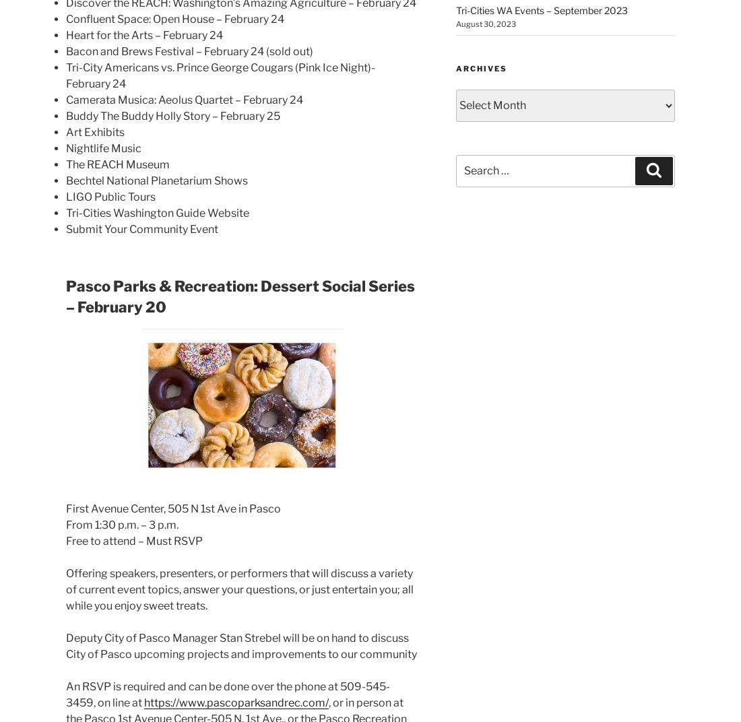  What do you see at coordinates (66, 148) in the screenshot?
I see `'Nightlife Music'` at bounding box center [66, 148].